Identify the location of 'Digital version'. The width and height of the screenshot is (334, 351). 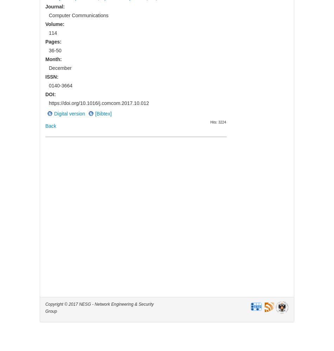
(69, 113).